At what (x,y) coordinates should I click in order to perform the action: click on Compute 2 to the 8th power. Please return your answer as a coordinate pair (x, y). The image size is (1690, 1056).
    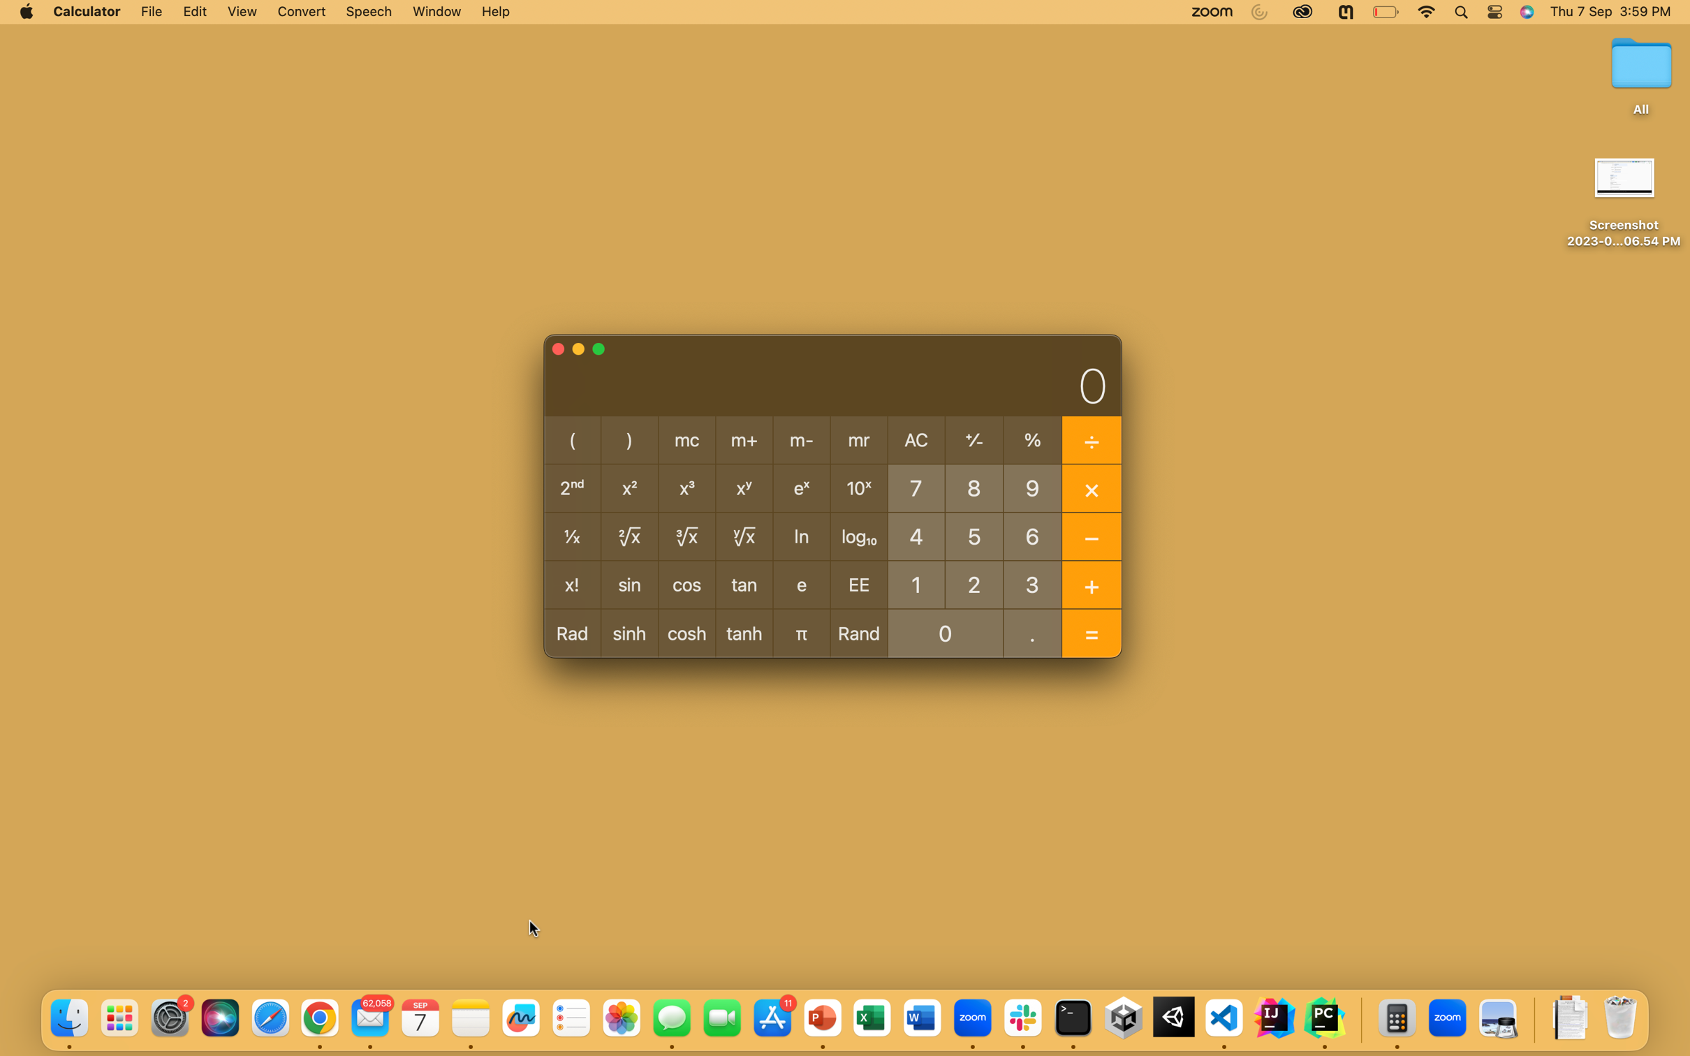
    Looking at the image, I should click on (973, 582).